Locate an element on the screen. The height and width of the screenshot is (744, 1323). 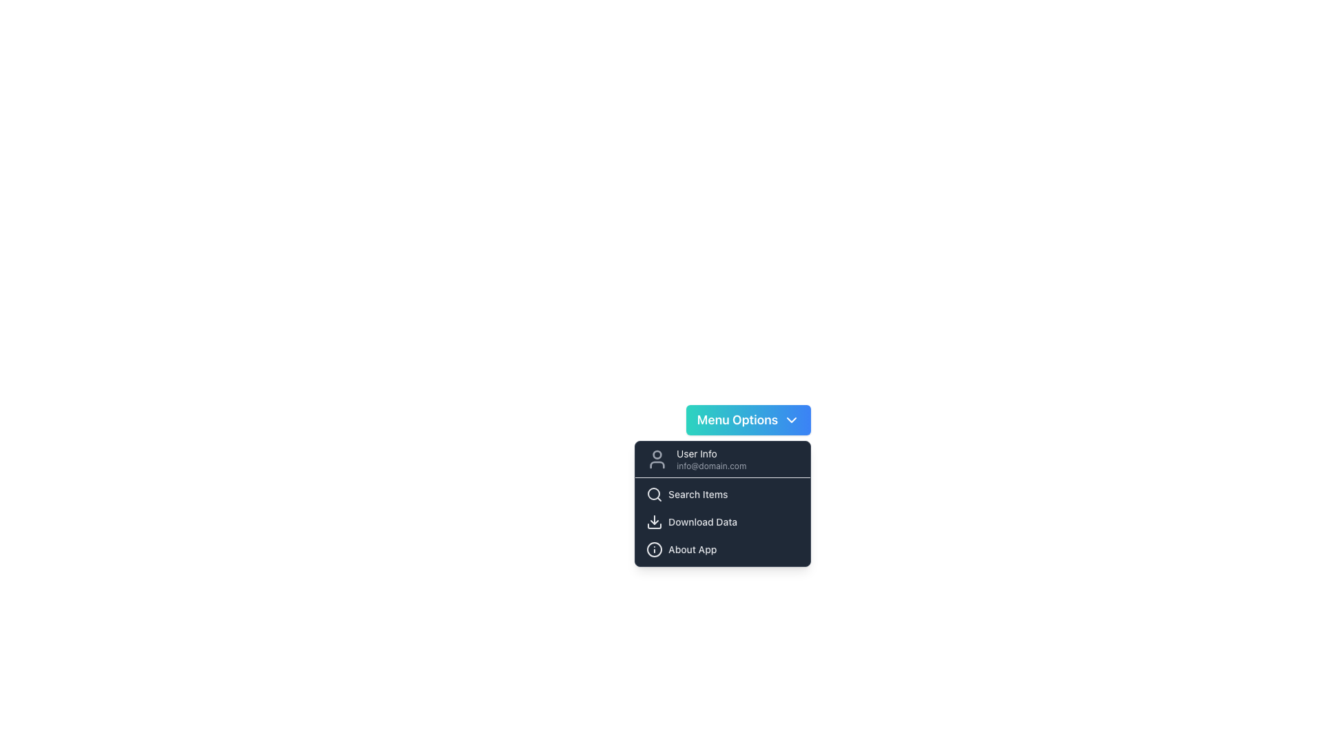
the 'User Info' text label located at the top of the 'Menu Options' dropdown menu, which indicates the purpose of the dropdown and is adjacent to the user profile icon is located at coordinates (711, 454).